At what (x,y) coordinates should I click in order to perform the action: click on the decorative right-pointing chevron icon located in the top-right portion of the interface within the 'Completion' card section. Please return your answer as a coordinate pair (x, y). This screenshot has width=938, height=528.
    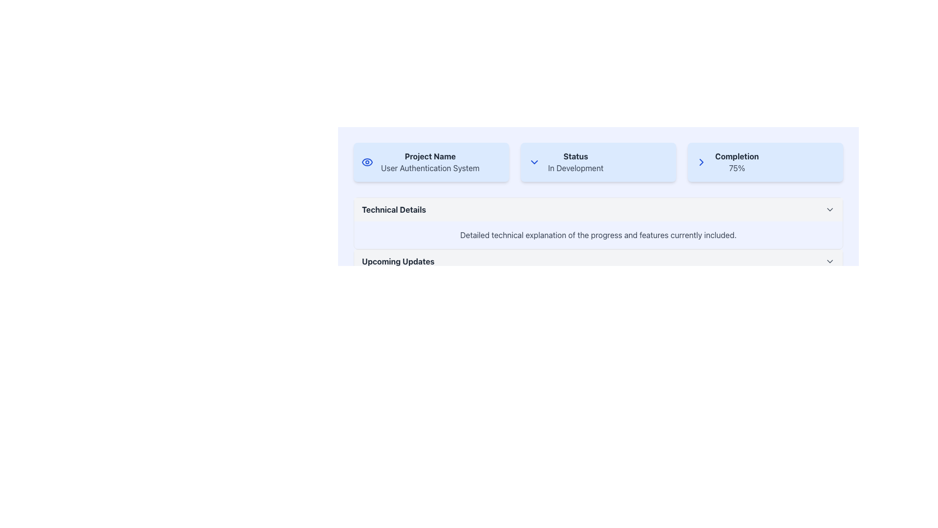
    Looking at the image, I should click on (701, 161).